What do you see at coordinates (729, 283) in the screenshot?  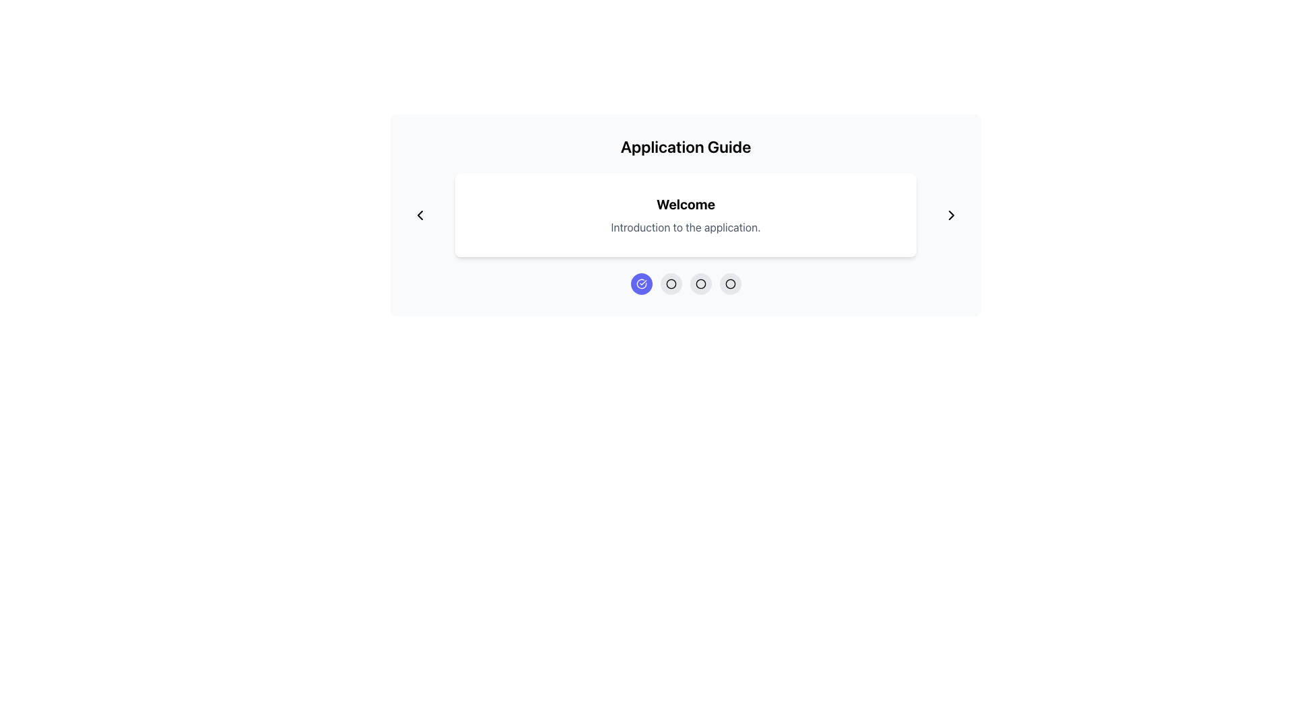 I see `the fourth button in a row of circular buttons located below the 'Welcome' text section` at bounding box center [729, 283].